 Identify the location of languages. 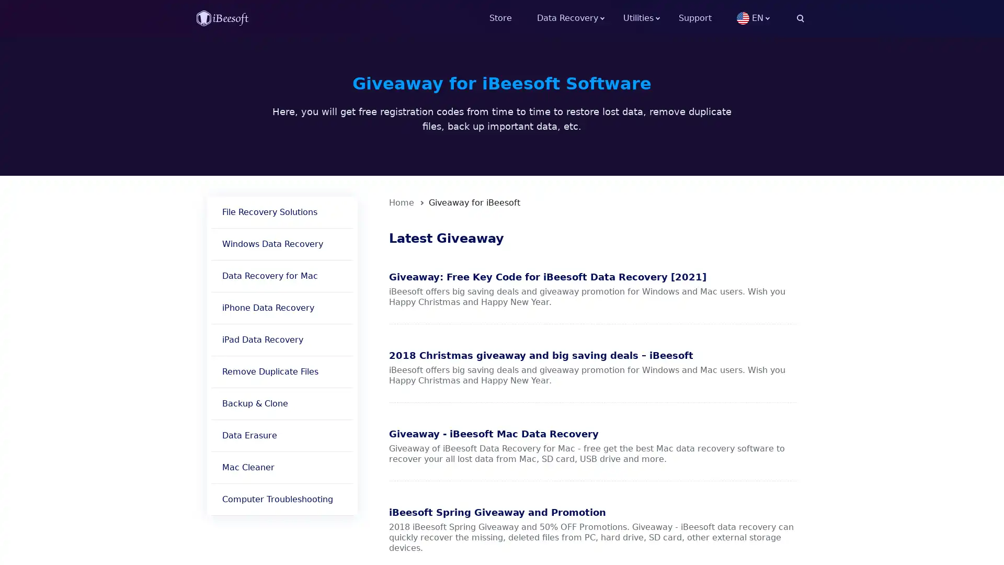
(770, 18).